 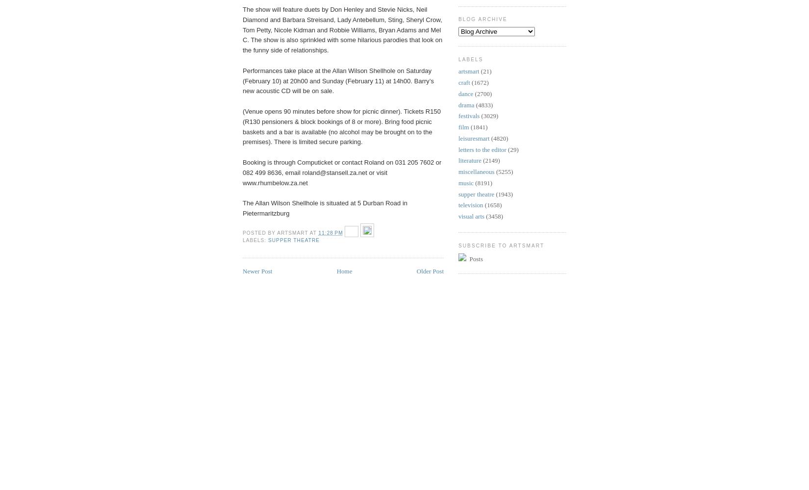 What do you see at coordinates (324, 208) in the screenshot?
I see `'The Allan Wilson Shellhole is situated at 5
Durban Road in Pietermaritzburg'` at bounding box center [324, 208].